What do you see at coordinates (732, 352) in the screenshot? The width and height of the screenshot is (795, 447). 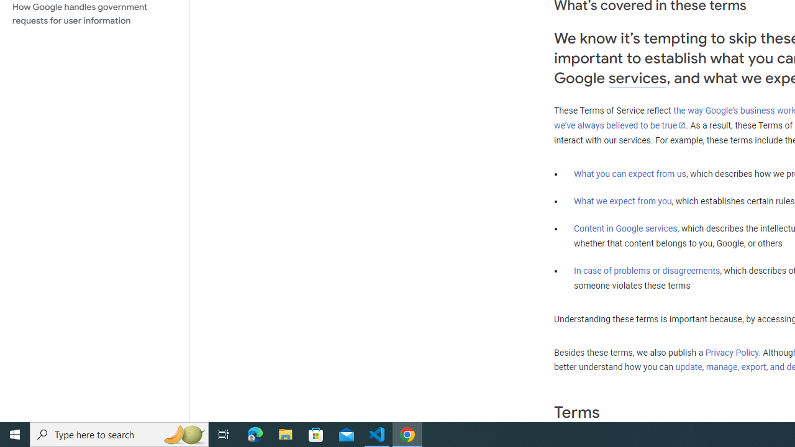 I see `'Privacy Policy'` at bounding box center [732, 352].